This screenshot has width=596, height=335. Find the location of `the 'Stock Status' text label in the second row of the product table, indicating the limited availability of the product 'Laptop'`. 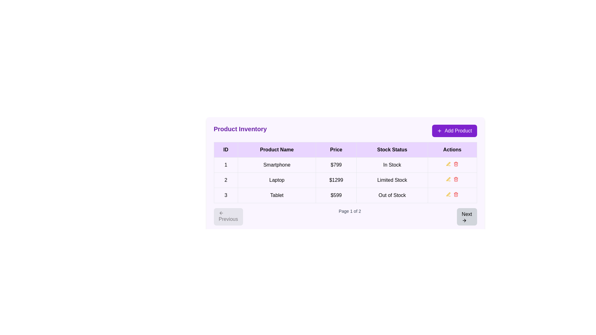

the 'Stock Status' text label in the second row of the product table, indicating the limited availability of the product 'Laptop' is located at coordinates (392, 180).